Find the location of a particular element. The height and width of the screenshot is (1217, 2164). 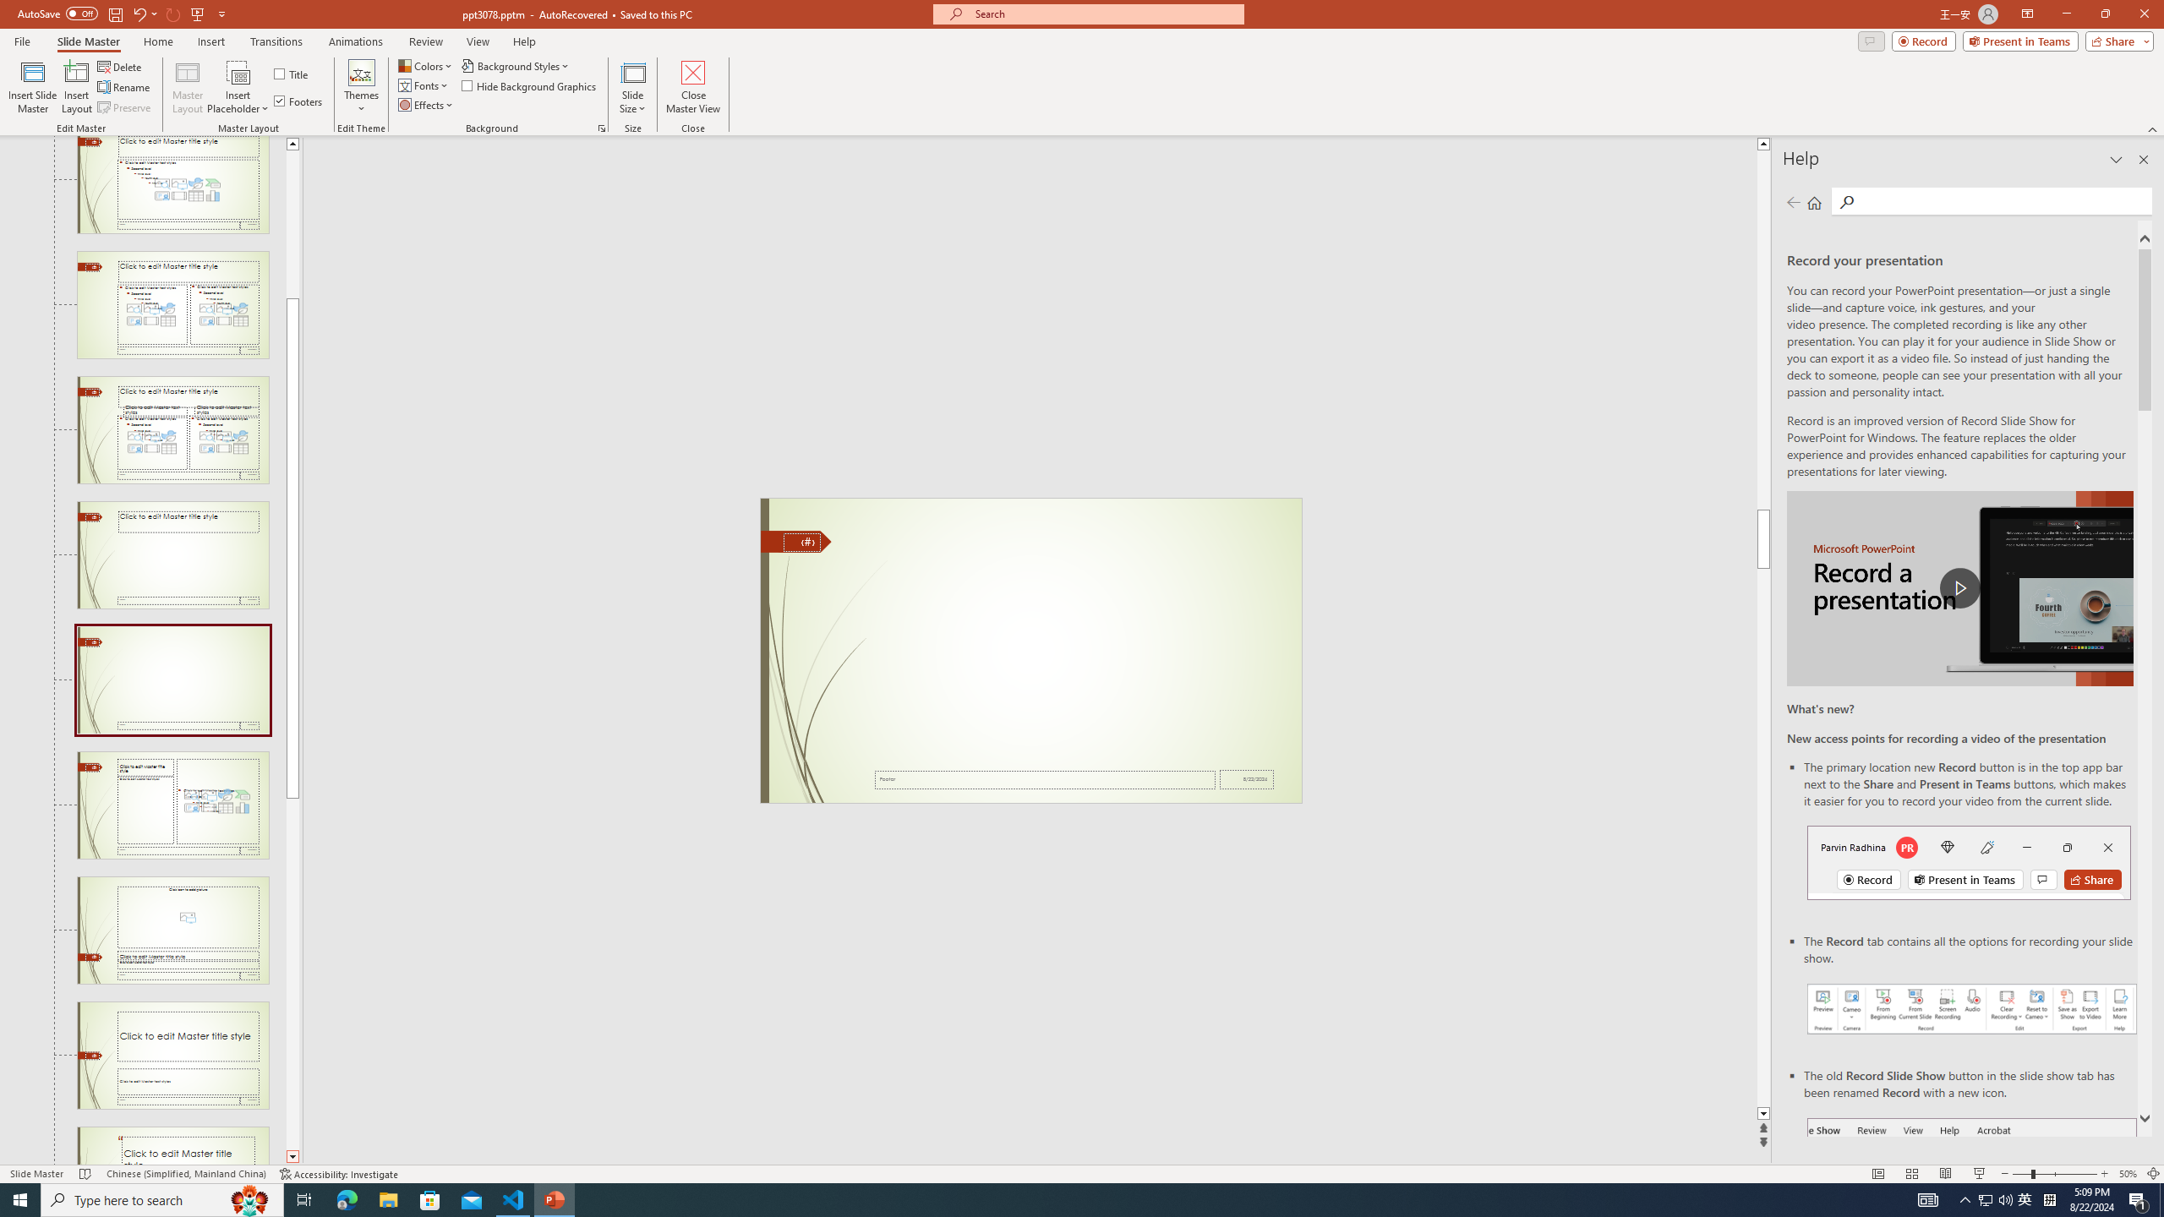

'Animations' is located at coordinates (355, 41).